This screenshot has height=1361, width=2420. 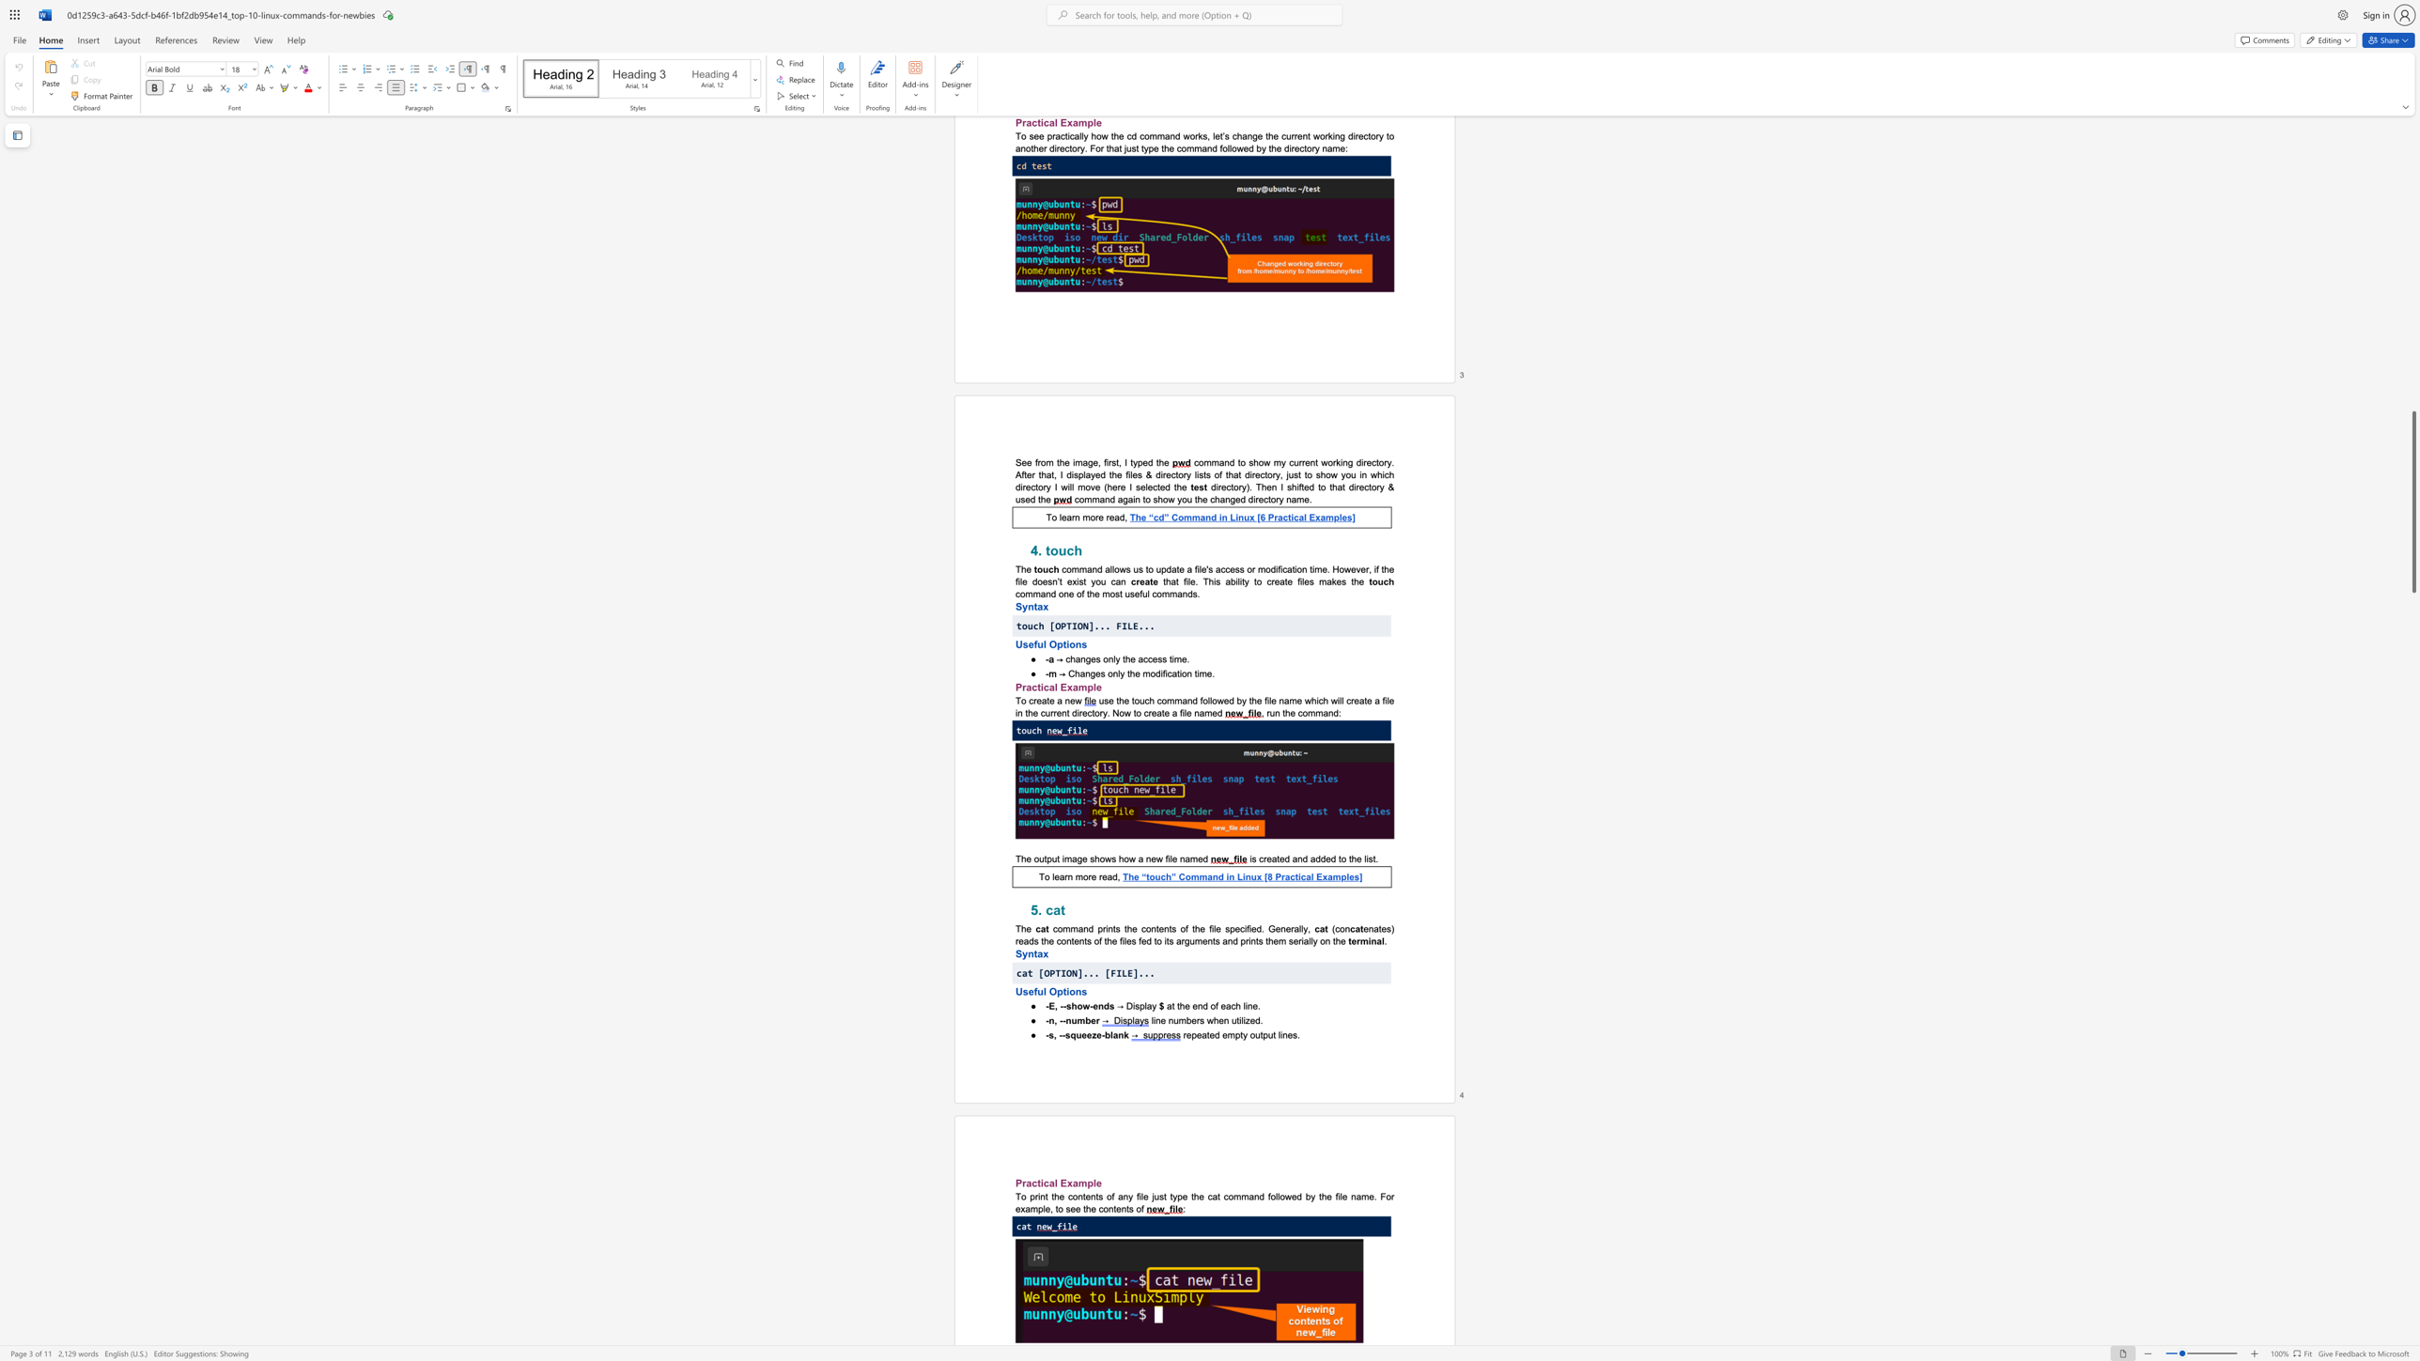 I want to click on the 1th character "l" in the text, so click(x=1152, y=1019).